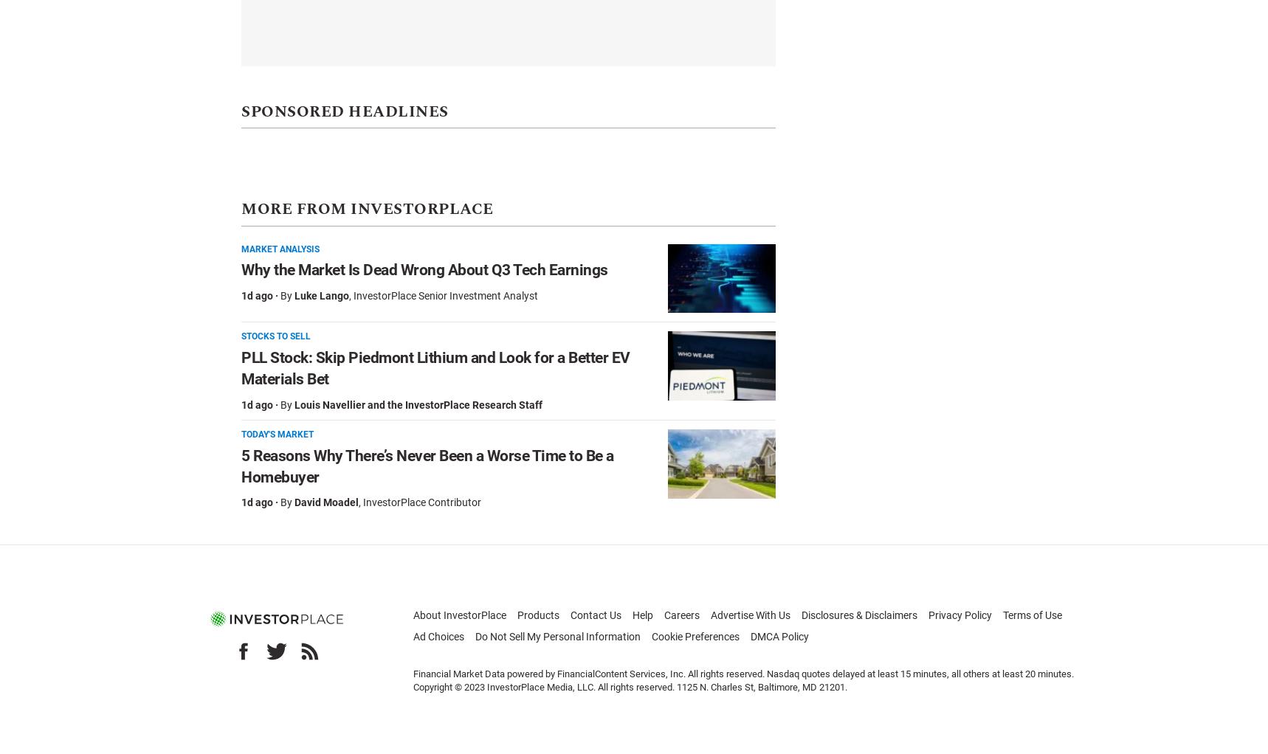  What do you see at coordinates (293, 501) in the screenshot?
I see `'David Moadel'` at bounding box center [293, 501].